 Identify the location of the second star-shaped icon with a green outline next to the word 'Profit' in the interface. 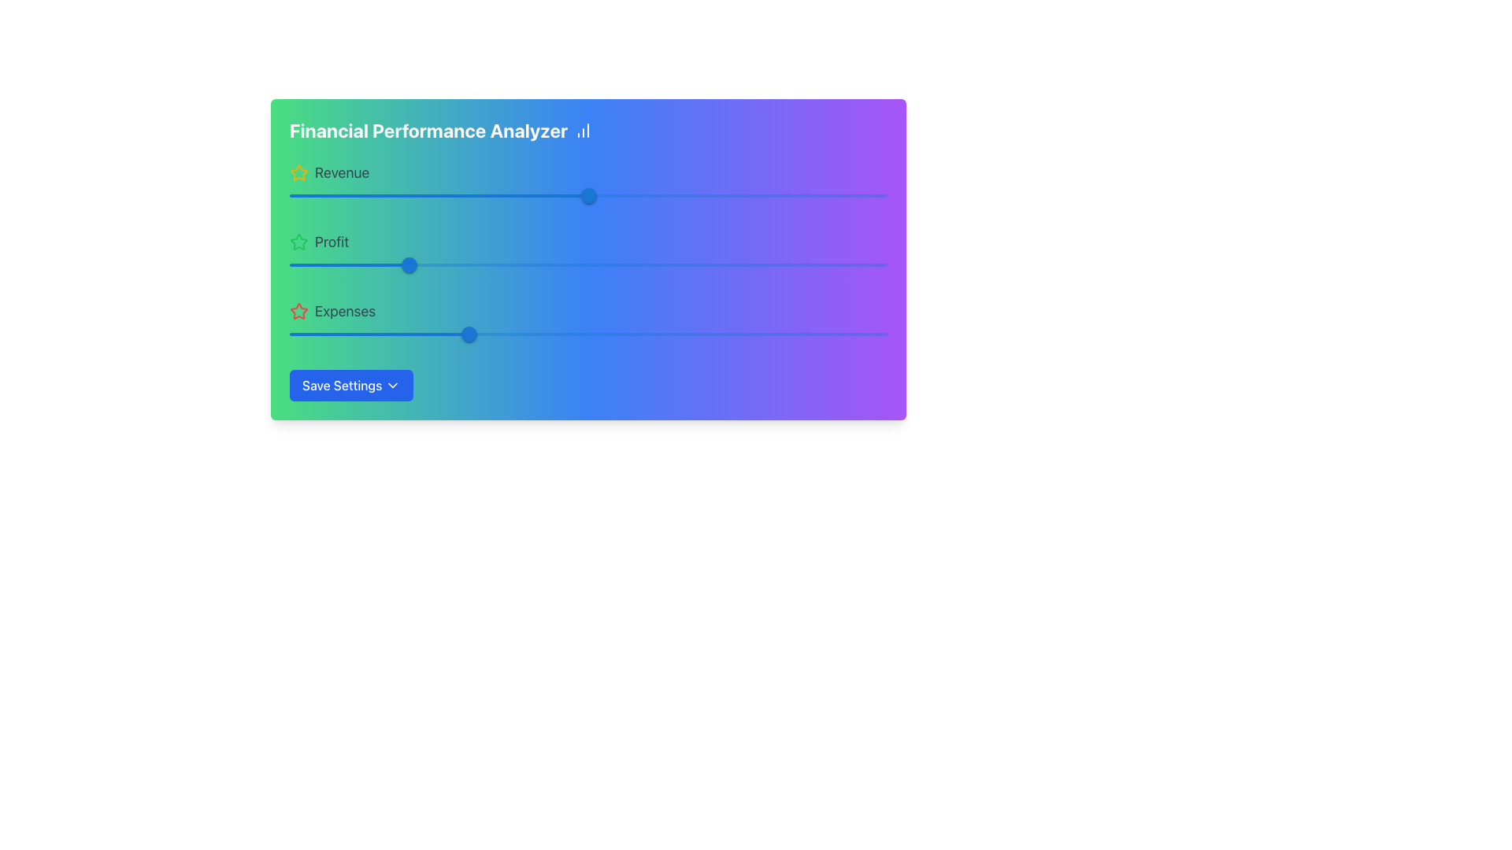
(298, 242).